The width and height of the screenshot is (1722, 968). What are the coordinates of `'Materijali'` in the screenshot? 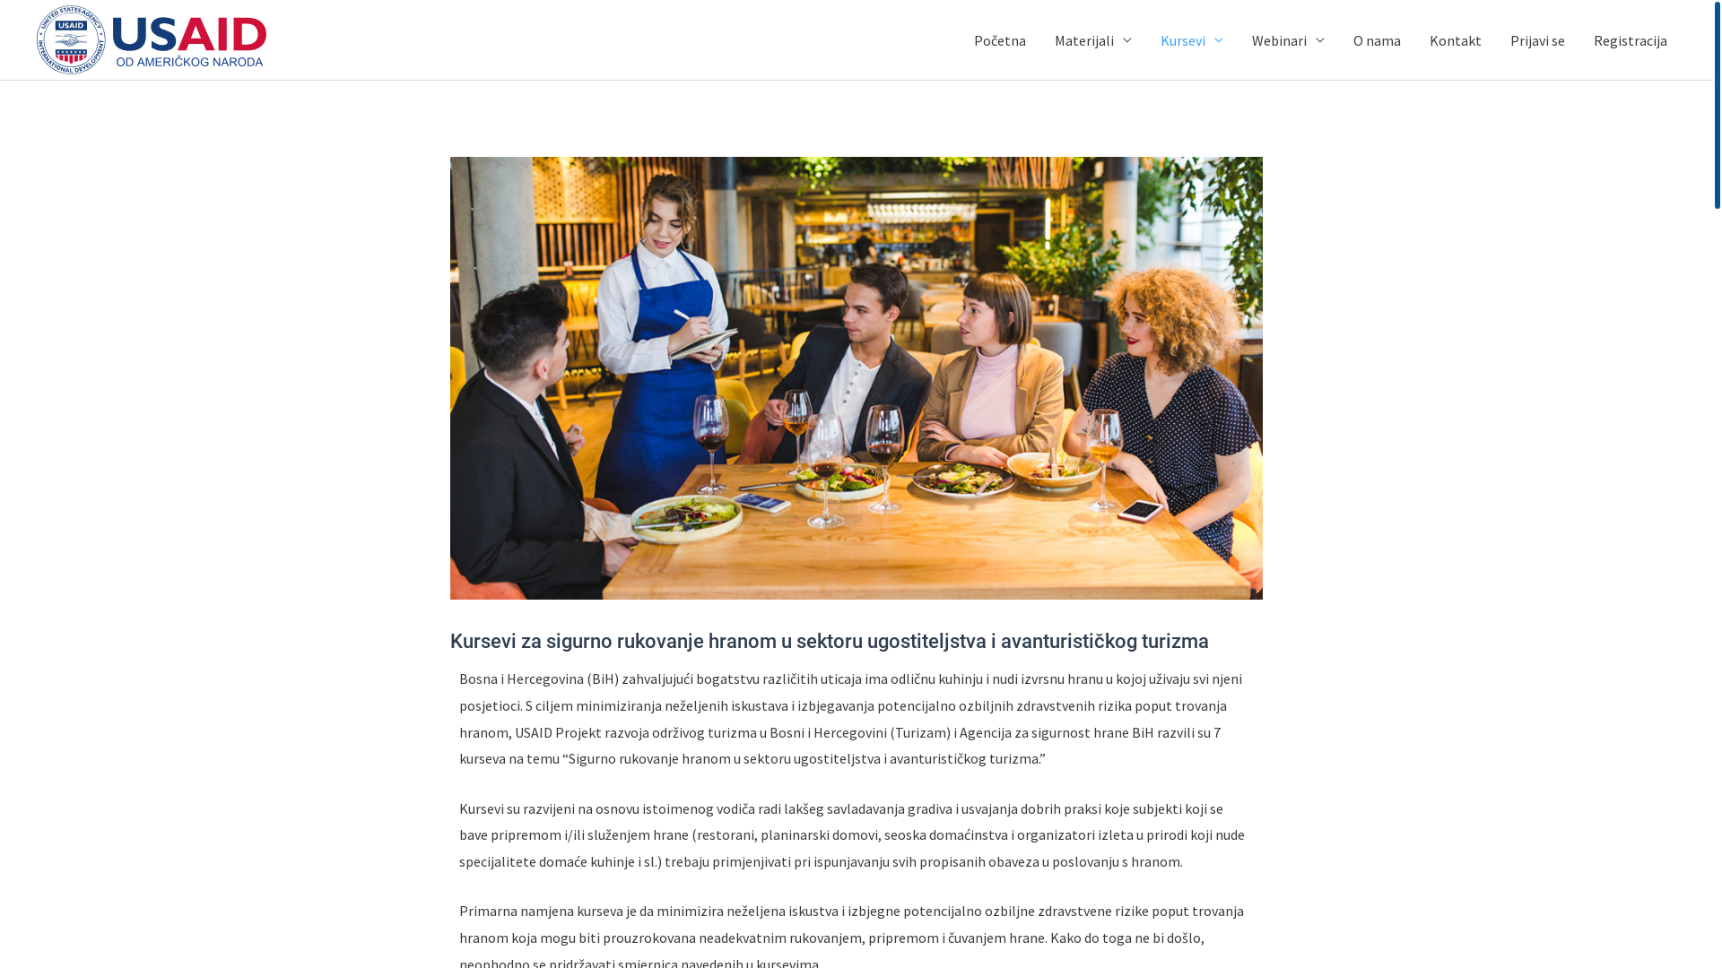 It's located at (1092, 39).